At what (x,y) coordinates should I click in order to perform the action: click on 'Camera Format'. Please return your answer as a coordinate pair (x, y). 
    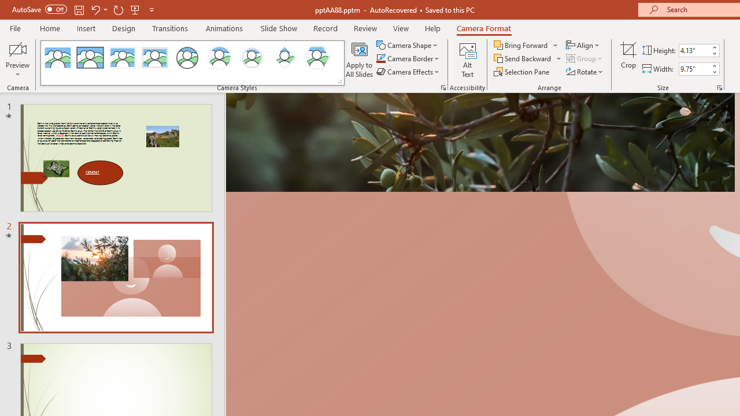
    Looking at the image, I should click on (484, 28).